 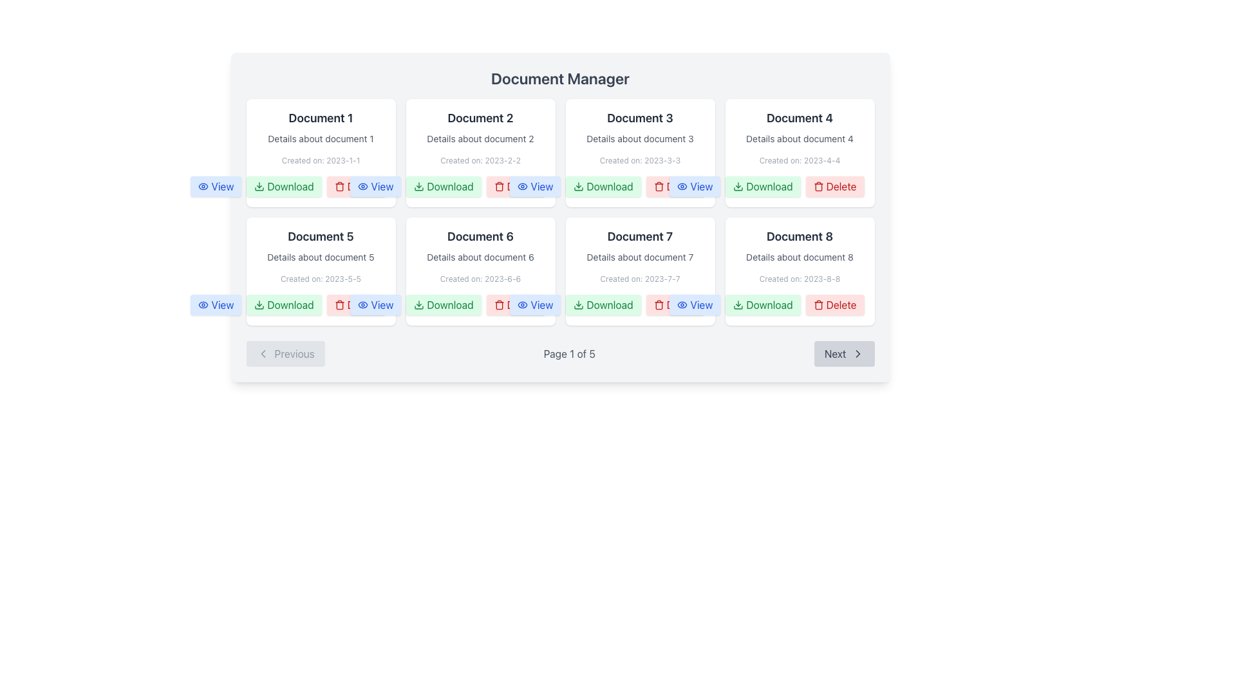 What do you see at coordinates (321, 118) in the screenshot?
I see `bold-text heading labeled 'Document 1' located at the top of its card in the document grid layout` at bounding box center [321, 118].